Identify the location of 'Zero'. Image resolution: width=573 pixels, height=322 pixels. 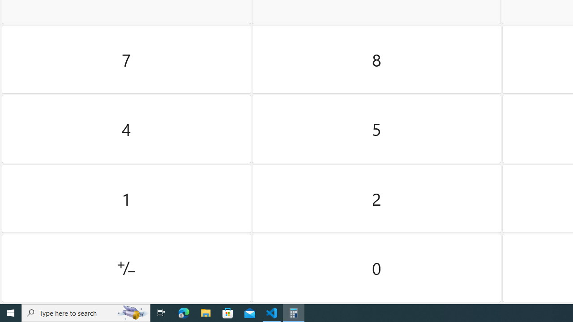
(376, 267).